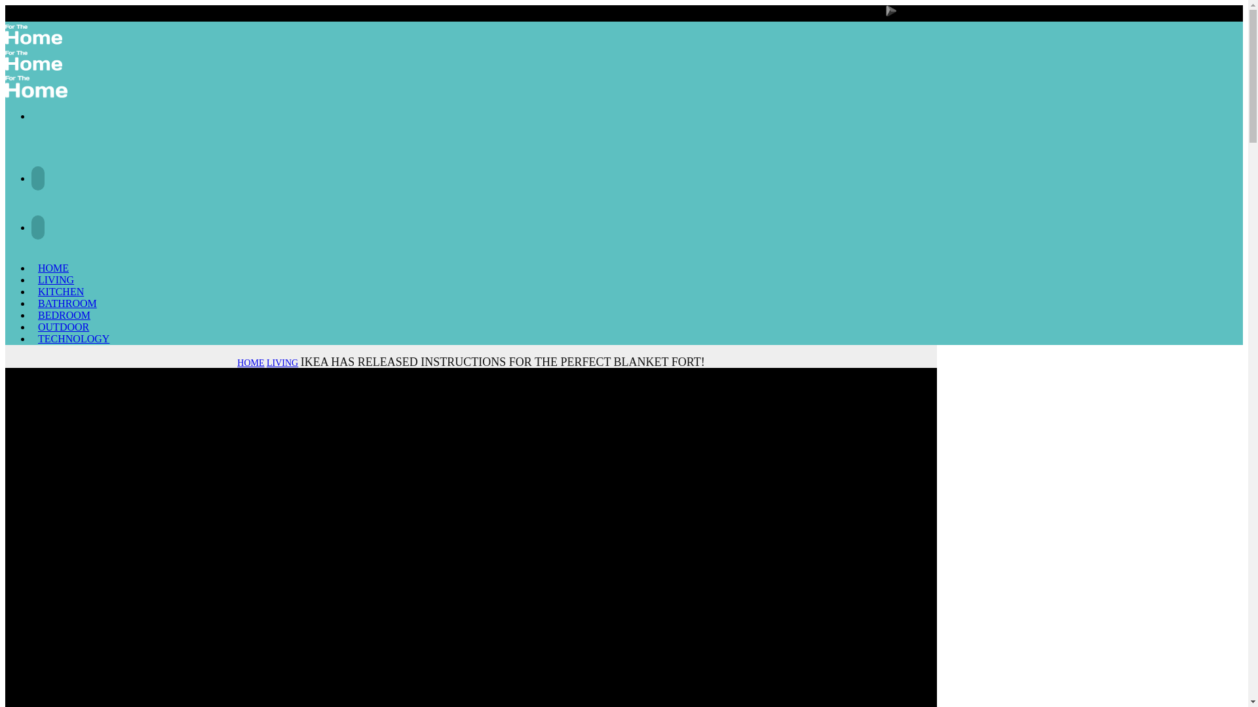 This screenshot has height=707, width=1258. I want to click on 'BATHROOM', so click(66, 303).